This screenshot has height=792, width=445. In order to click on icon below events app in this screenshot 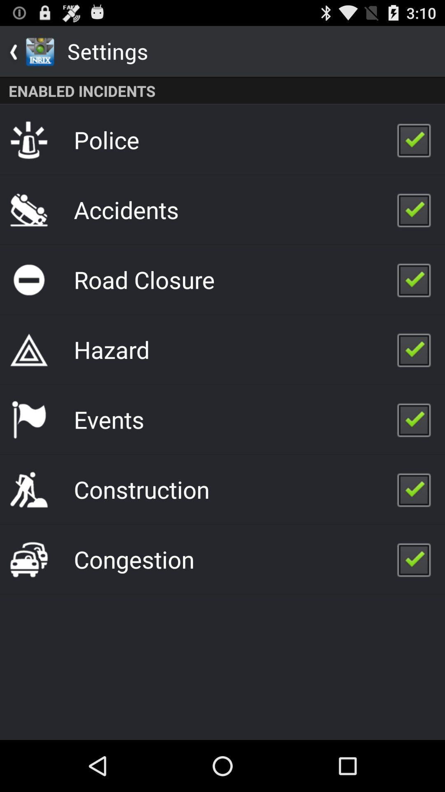, I will do `click(141, 489)`.